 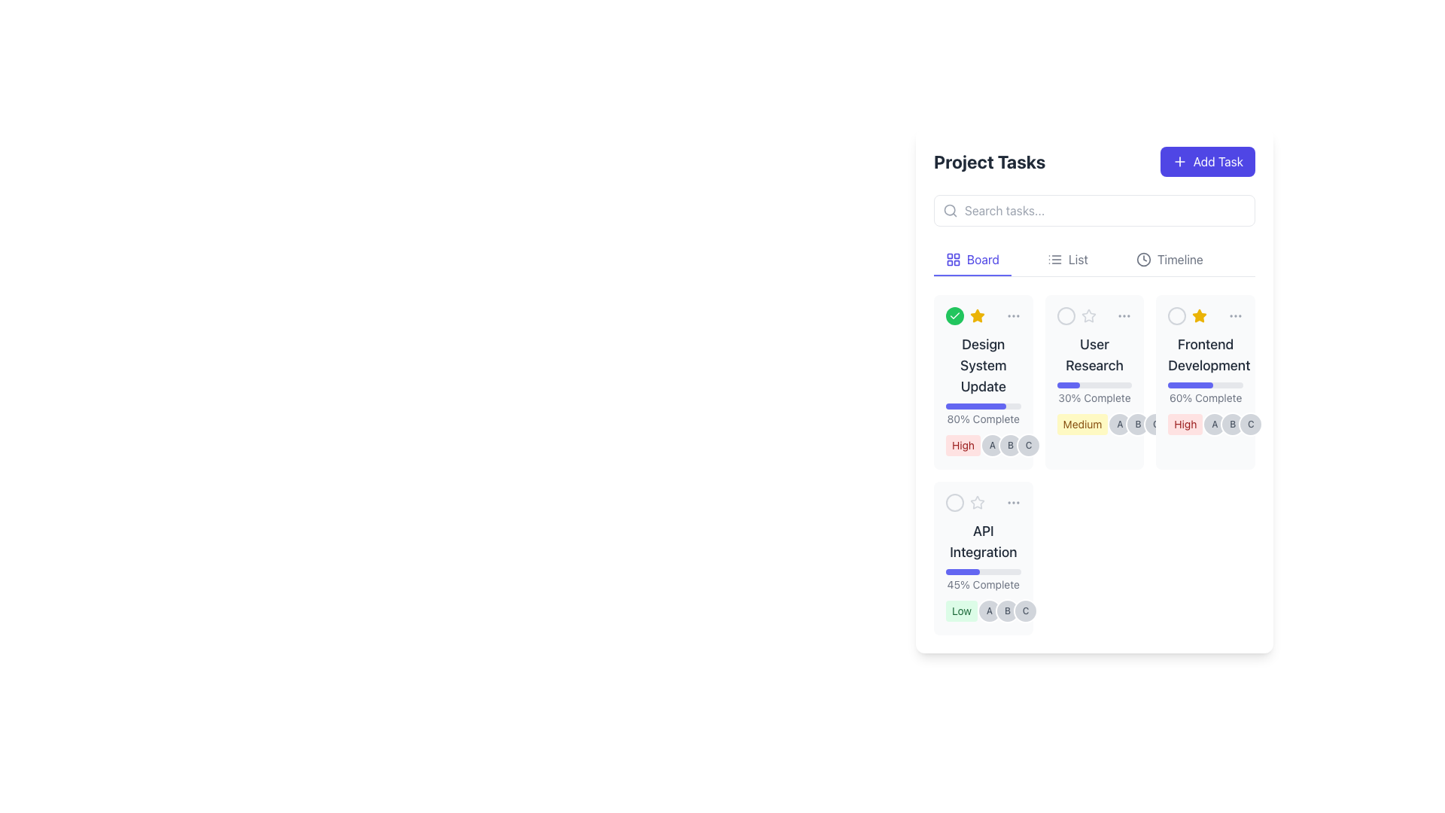 What do you see at coordinates (1066, 260) in the screenshot?
I see `the 'List' button in the navigation bar` at bounding box center [1066, 260].